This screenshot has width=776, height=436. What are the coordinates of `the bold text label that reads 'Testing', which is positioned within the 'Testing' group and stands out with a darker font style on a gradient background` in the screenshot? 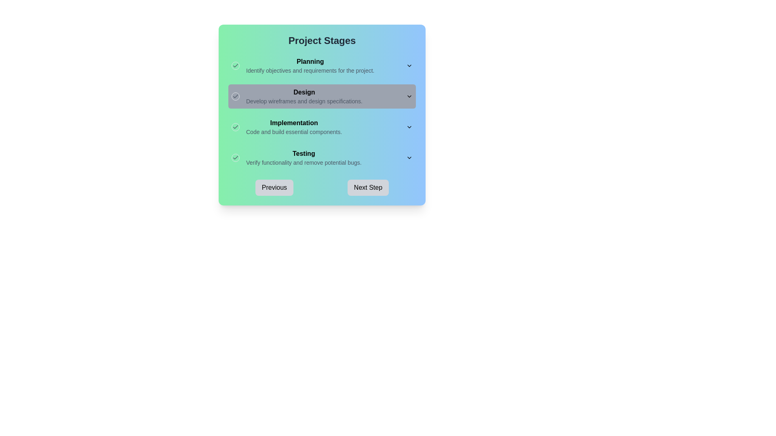 It's located at (303, 154).